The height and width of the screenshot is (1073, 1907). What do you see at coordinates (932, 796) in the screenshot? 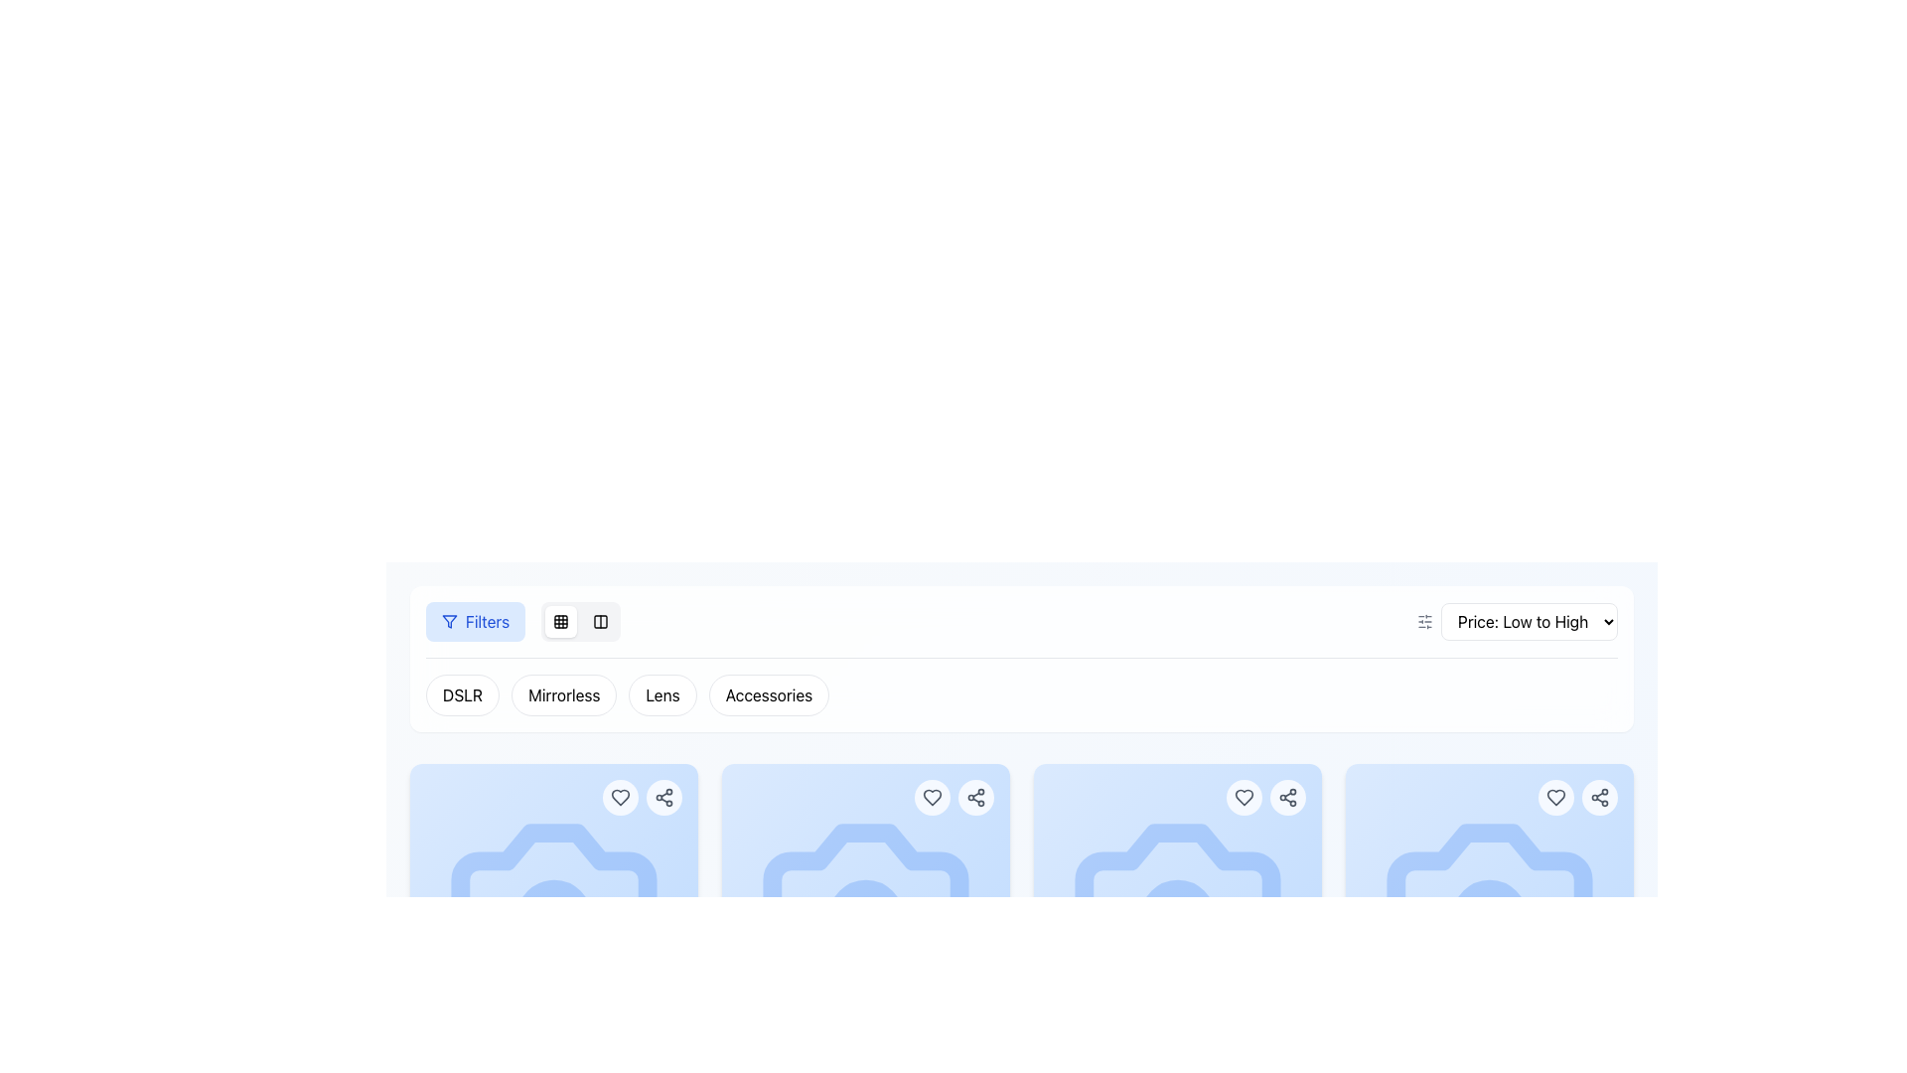
I see `the 'like' icon located in the top-right corner of the second card from the left in the first row of the grid` at bounding box center [932, 796].